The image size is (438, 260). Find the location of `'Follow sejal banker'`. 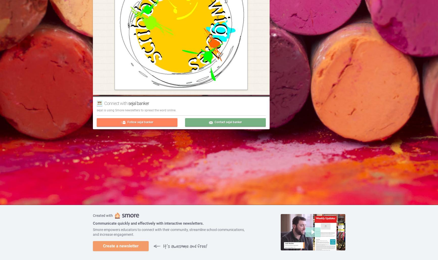

'Follow sejal banker' is located at coordinates (127, 121).